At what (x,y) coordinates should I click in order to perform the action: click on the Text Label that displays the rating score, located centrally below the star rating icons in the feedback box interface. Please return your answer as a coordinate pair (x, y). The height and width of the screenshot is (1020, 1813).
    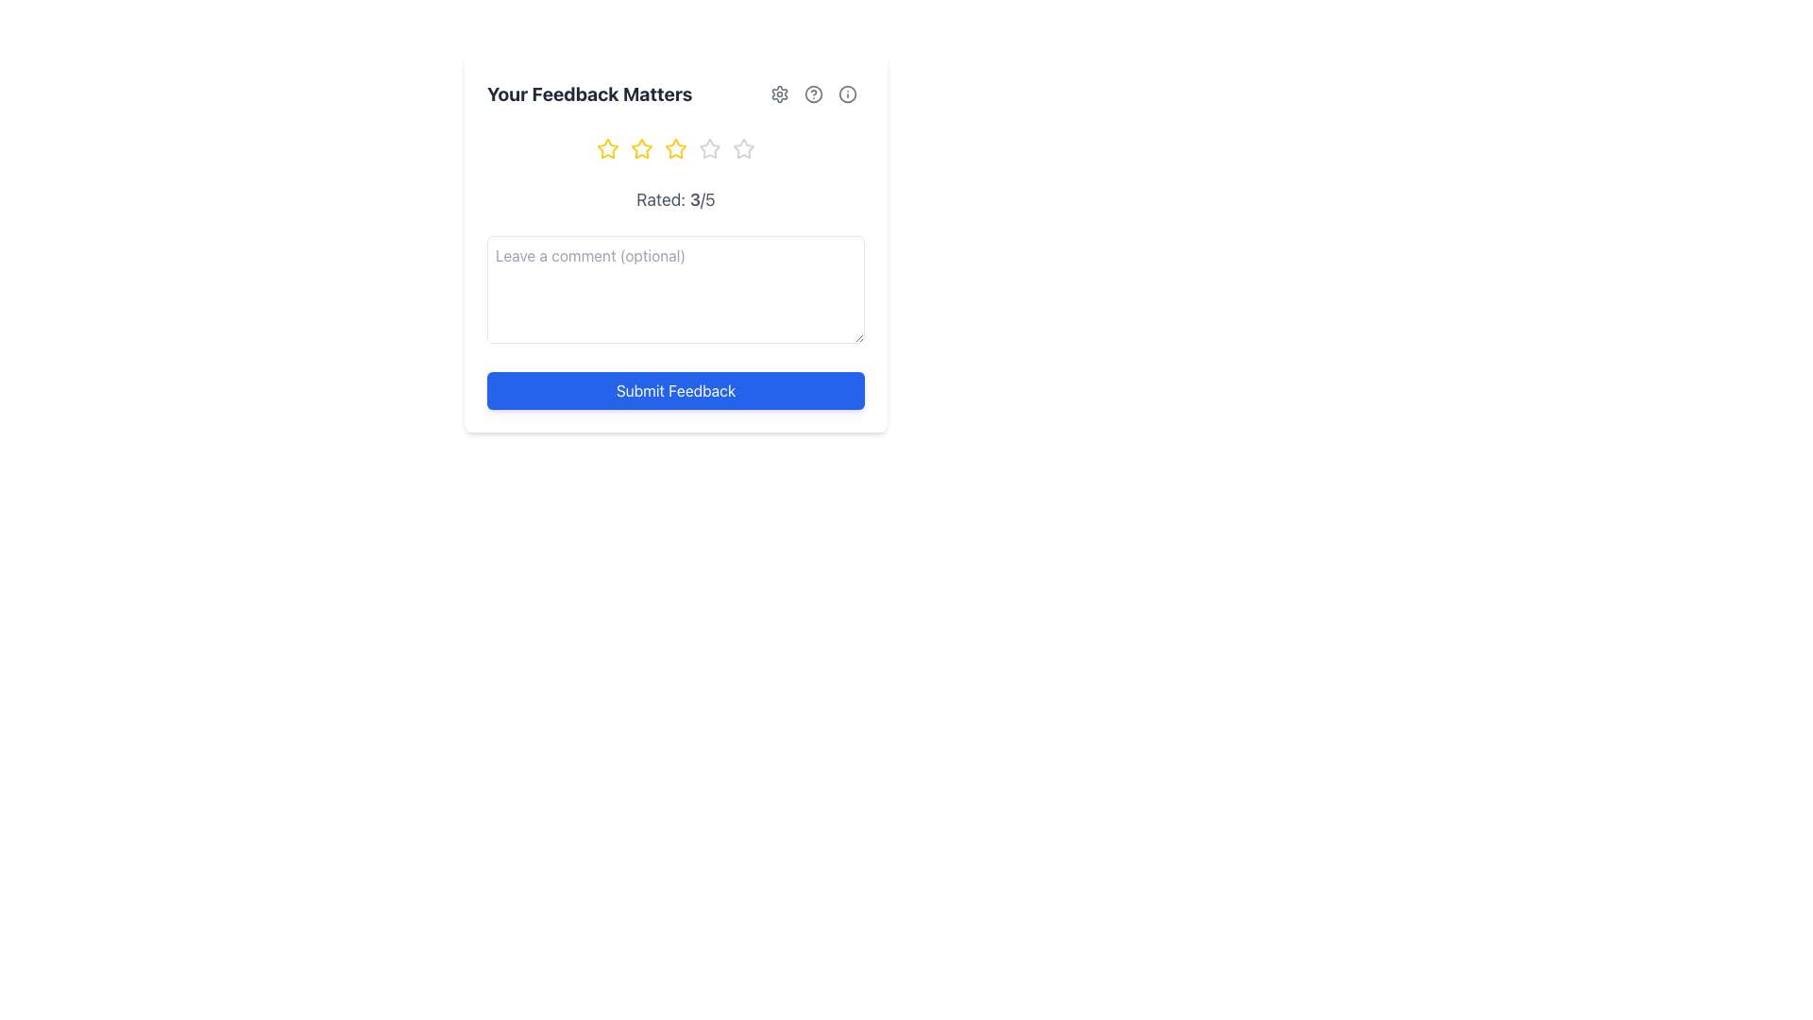
    Looking at the image, I should click on (675, 200).